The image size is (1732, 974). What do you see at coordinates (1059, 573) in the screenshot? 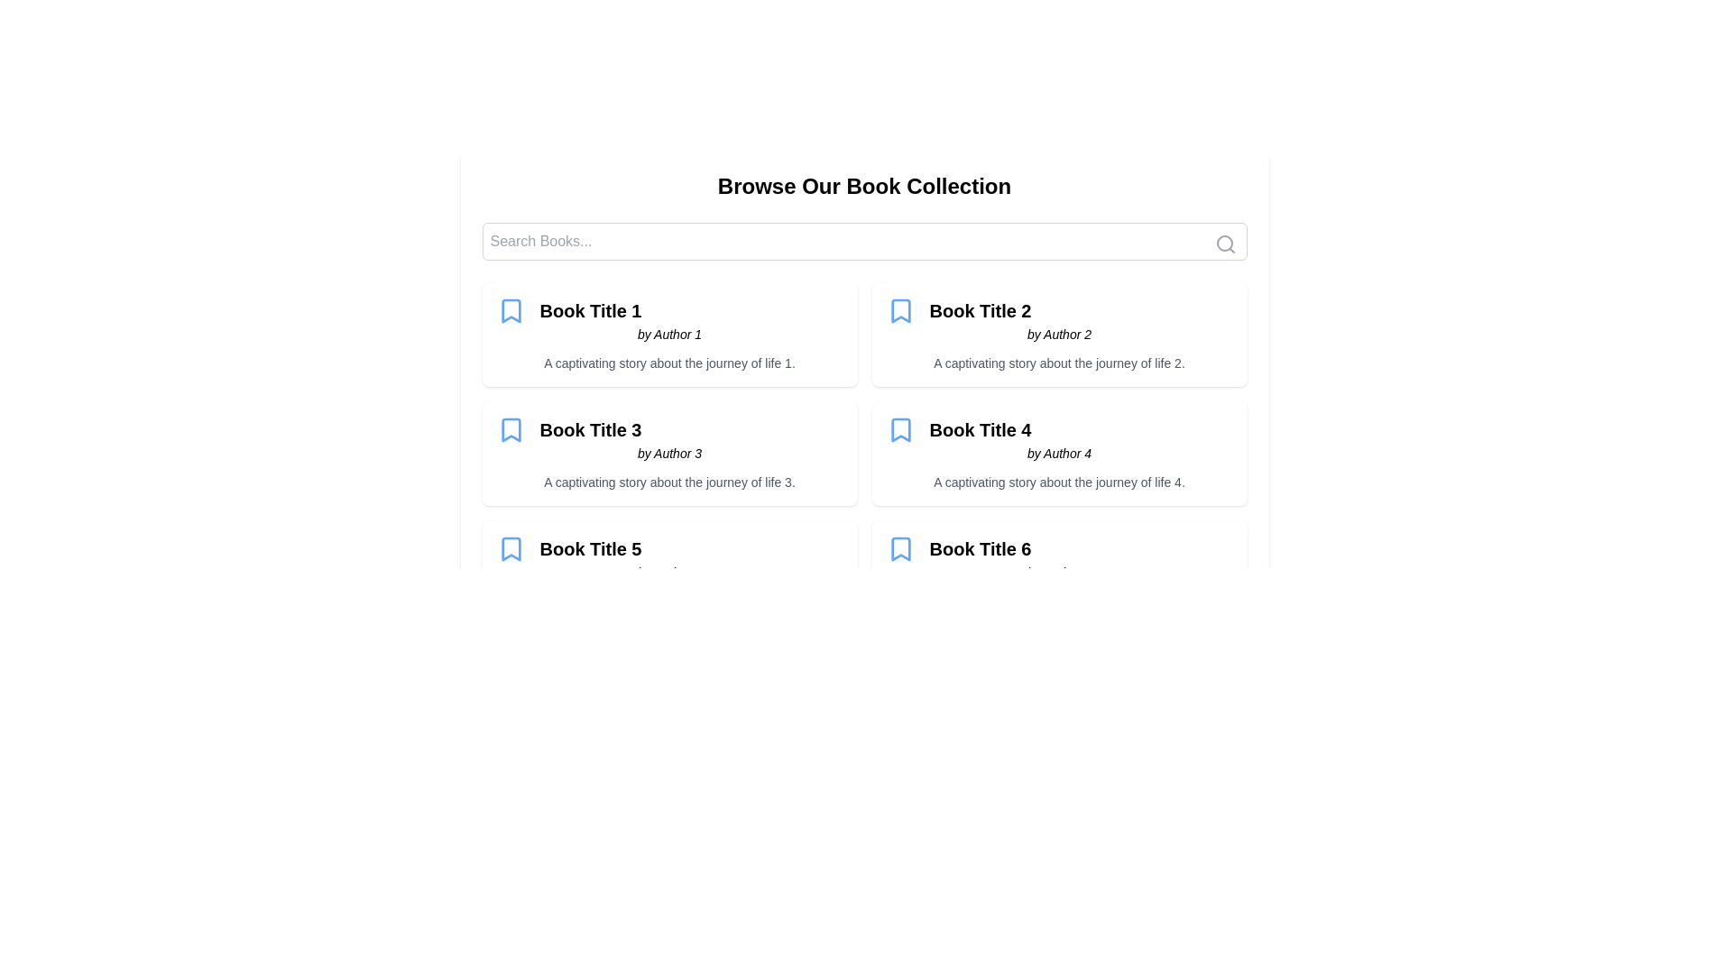
I see `the book entry card located in the second column and third row of the grid layout, below the 'Book Title 4' card` at bounding box center [1059, 573].